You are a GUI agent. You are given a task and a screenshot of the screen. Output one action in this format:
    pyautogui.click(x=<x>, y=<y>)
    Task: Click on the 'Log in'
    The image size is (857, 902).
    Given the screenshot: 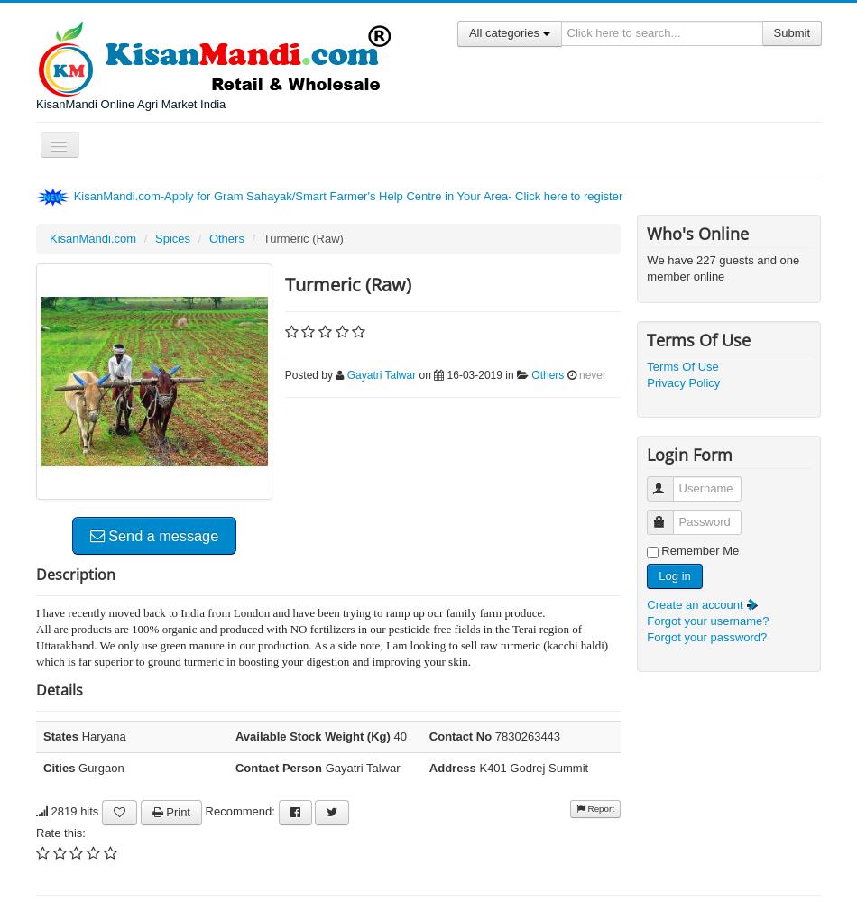 What is the action you would take?
    pyautogui.click(x=673, y=575)
    